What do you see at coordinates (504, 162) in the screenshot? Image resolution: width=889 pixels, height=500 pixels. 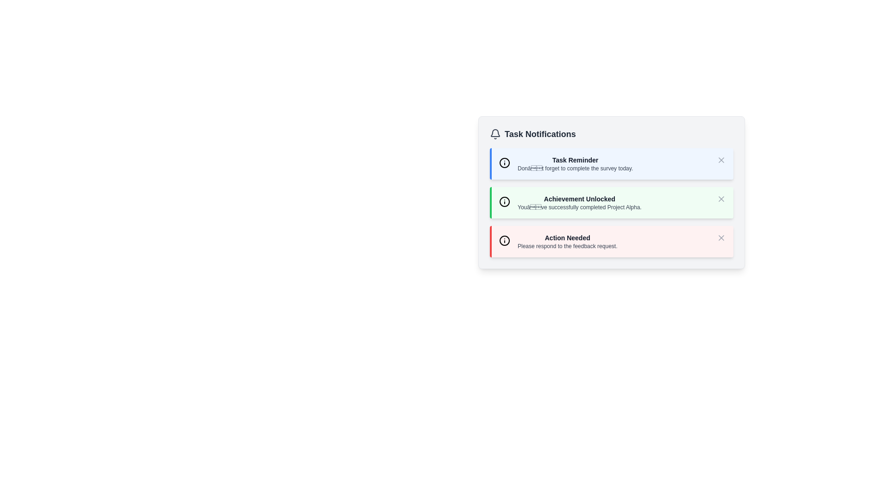 I see `the decorative icon in the 'Task Reminder' notification bar, which indicates the type of notification and is located at the top of the stacked list` at bounding box center [504, 162].